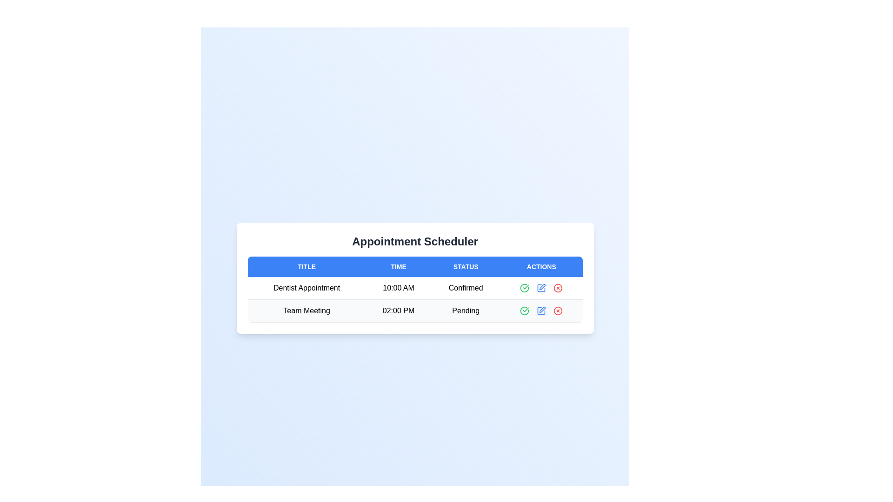 The width and height of the screenshot is (893, 502). Describe the element at coordinates (307, 288) in the screenshot. I see `text of the appointment title label located in the first column of the first row of a table layout, positioned before the time and status elements` at that location.